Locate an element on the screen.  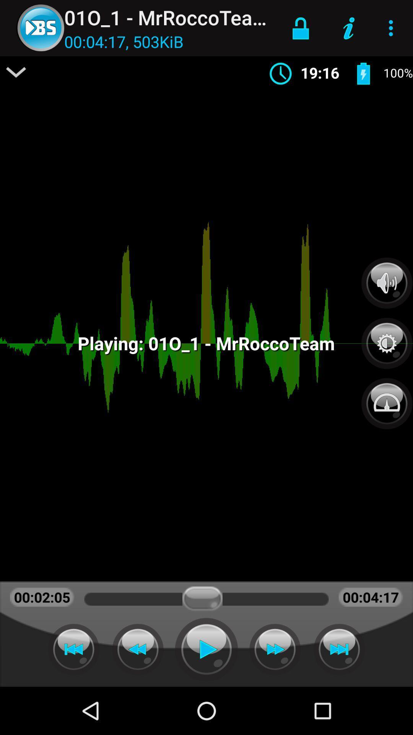
volume control is located at coordinates (387, 283).